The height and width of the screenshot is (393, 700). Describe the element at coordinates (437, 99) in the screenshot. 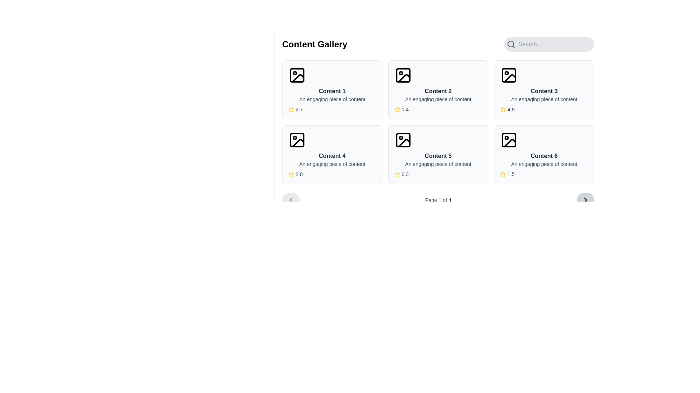

I see `text content from the label displaying 'An engaging piece of content' located inside a card layout in the second column of the grid, positioned below 'Content 2' and above the rating indicator '1.4'` at that location.